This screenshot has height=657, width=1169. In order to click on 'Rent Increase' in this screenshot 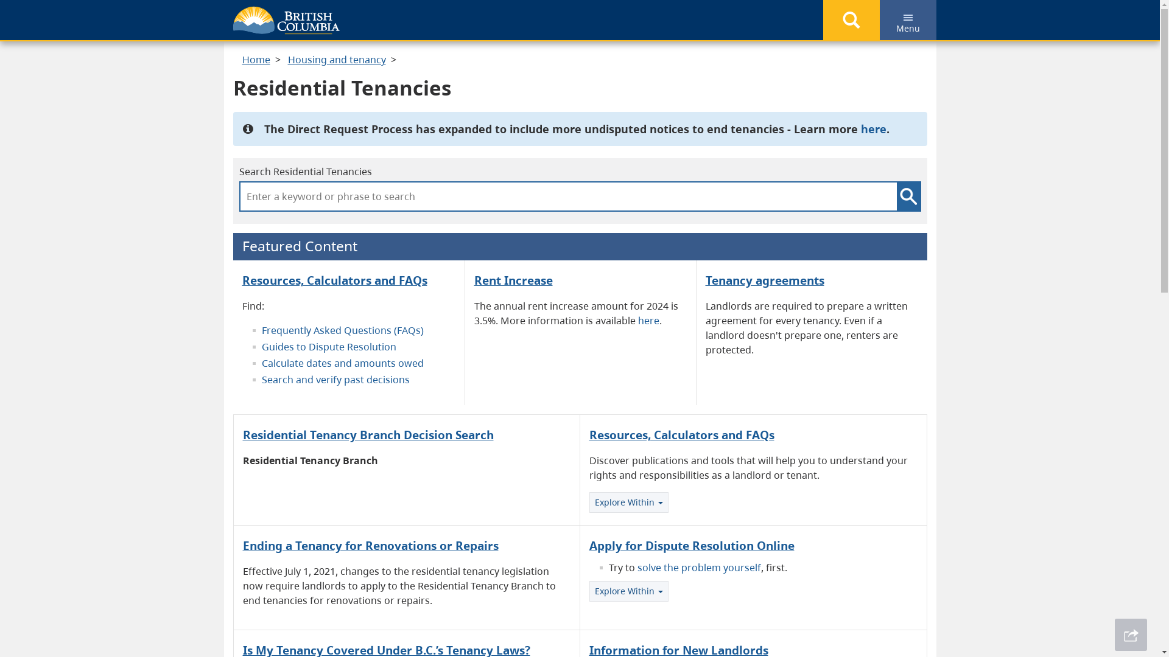, I will do `click(513, 280)`.